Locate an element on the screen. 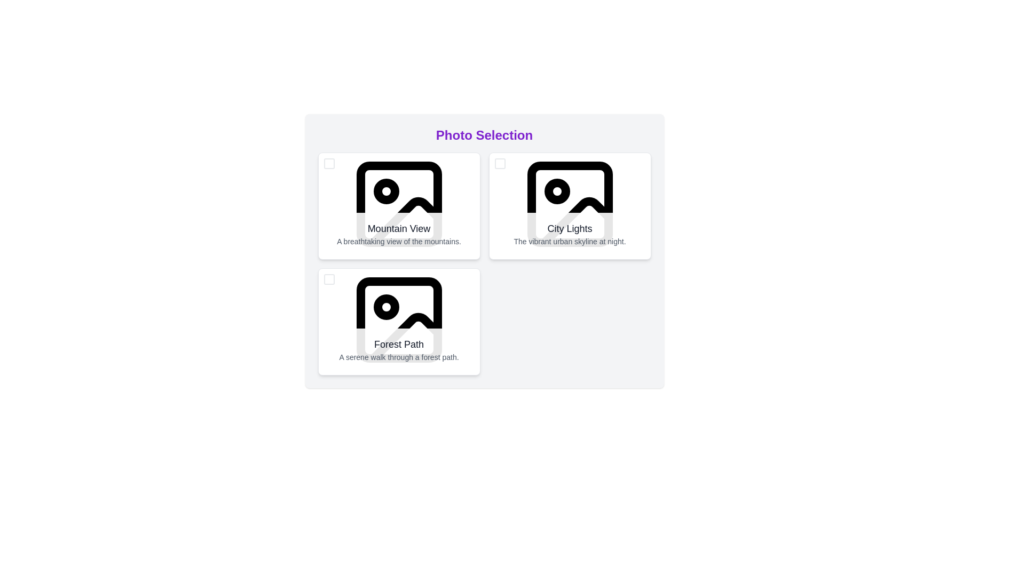  the selectable card located at the top-right corner of the gallery interface is located at coordinates (569, 204).